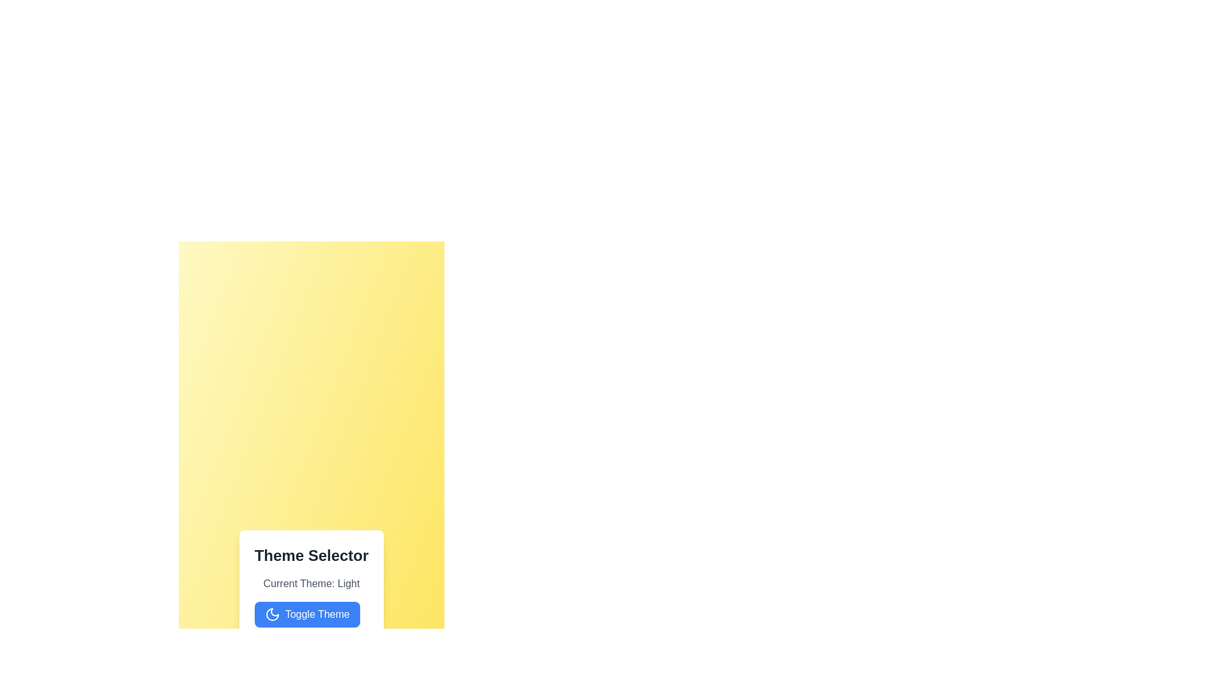 The width and height of the screenshot is (1226, 690). What do you see at coordinates (306, 613) in the screenshot?
I see `the 'Toggle Theme' button to switch the theme` at bounding box center [306, 613].